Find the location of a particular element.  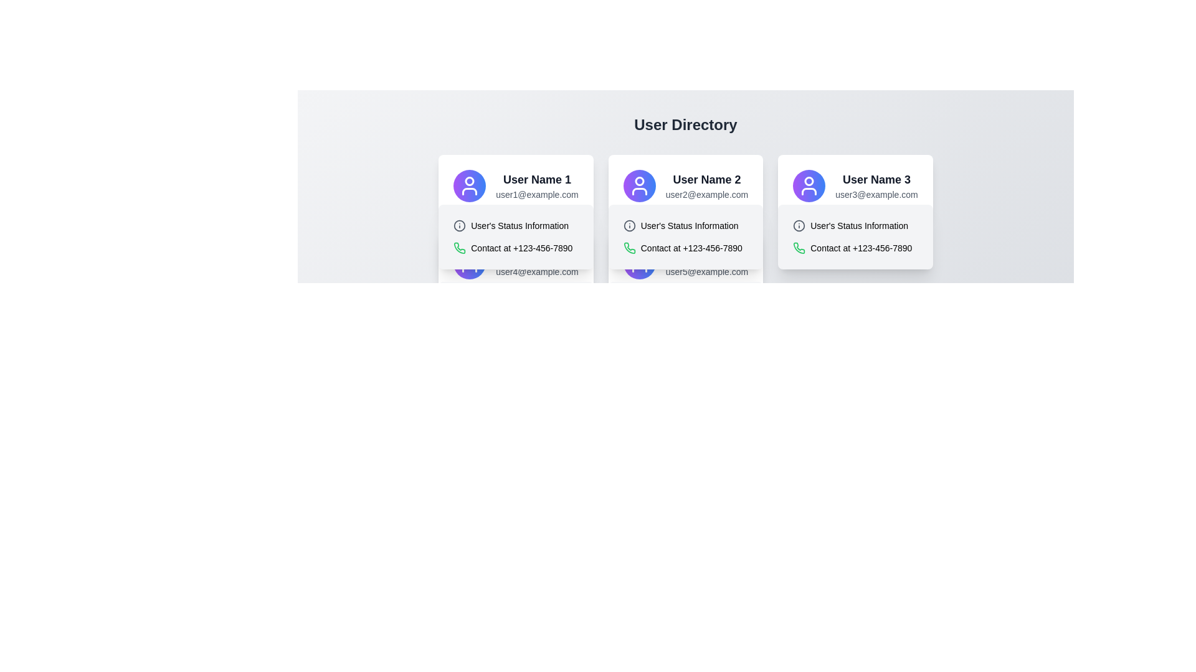

the email address display element associated with 'User Name 5', which is a passive, read-only text component located at the bottom of the user card is located at coordinates (706, 271).